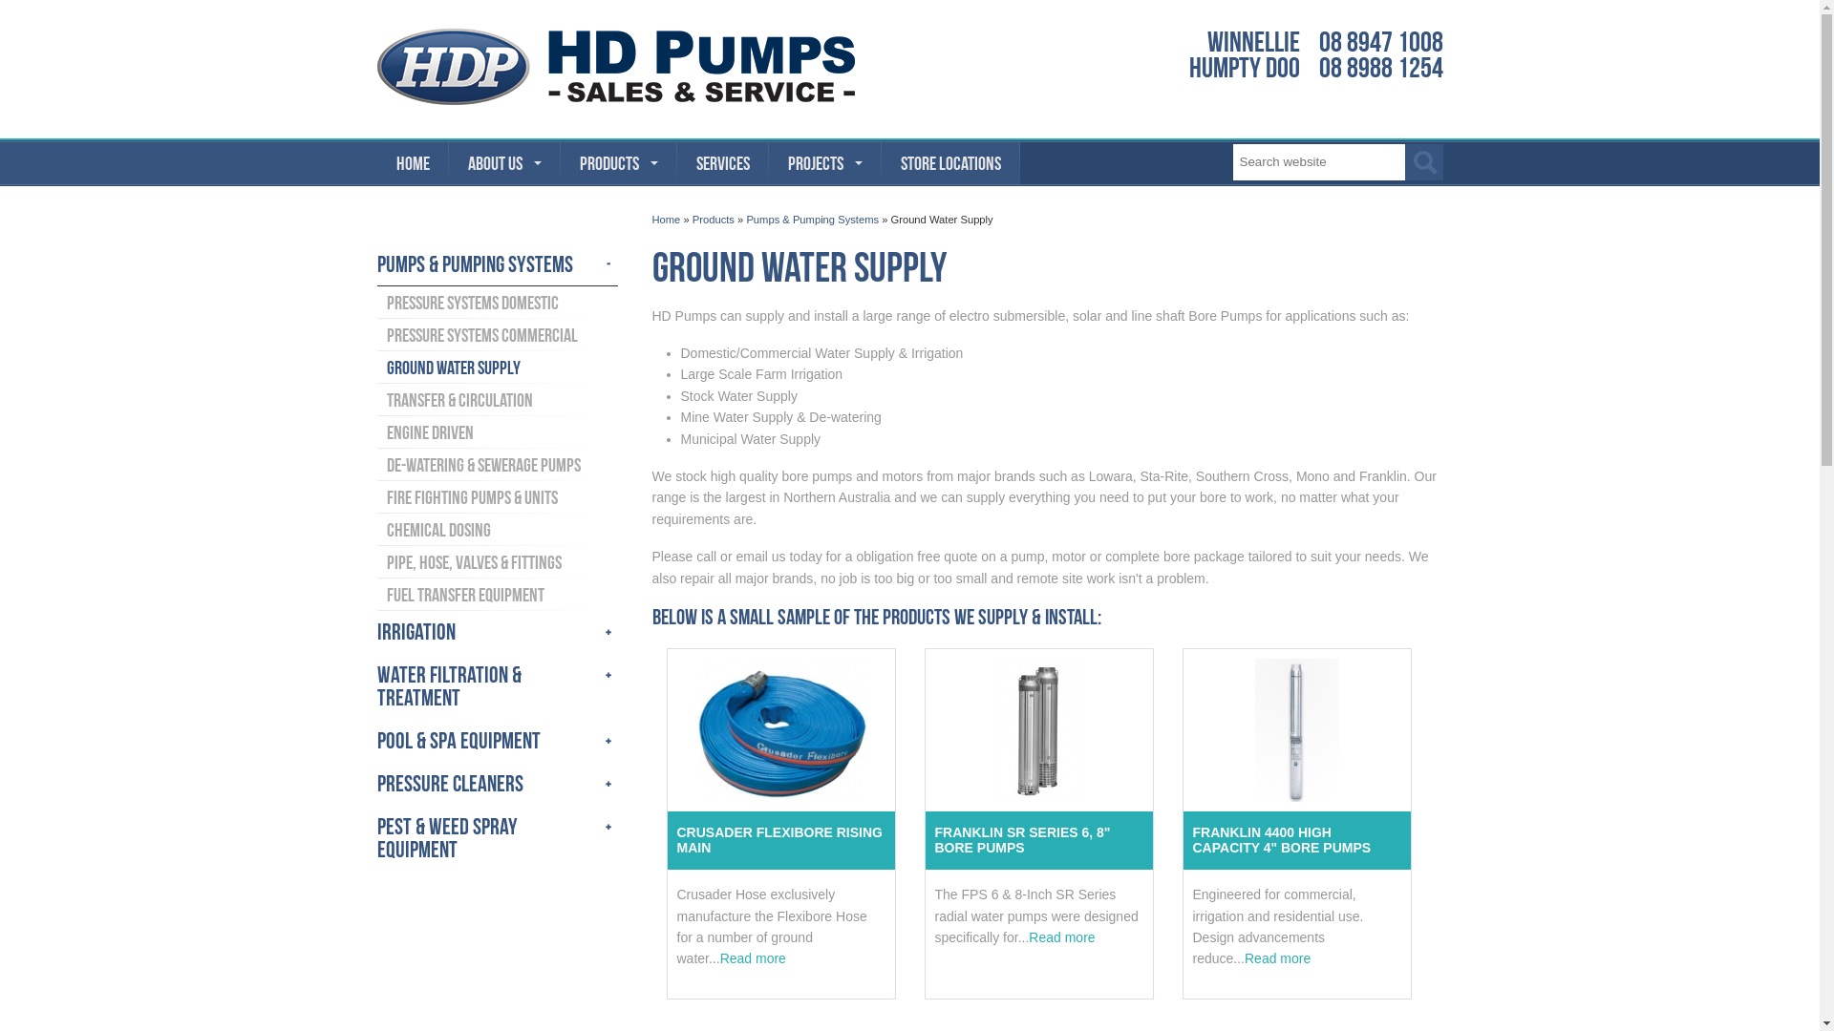 The image size is (1834, 1031). Describe the element at coordinates (496, 264) in the screenshot. I see `'PUMPS & PUMPING SYSTEMS'` at that location.